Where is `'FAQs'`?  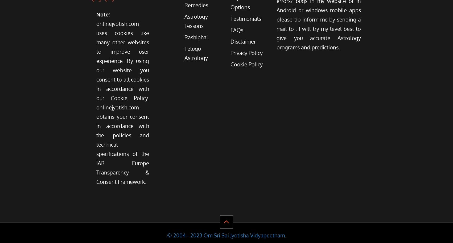
'FAQs' is located at coordinates (236, 30).